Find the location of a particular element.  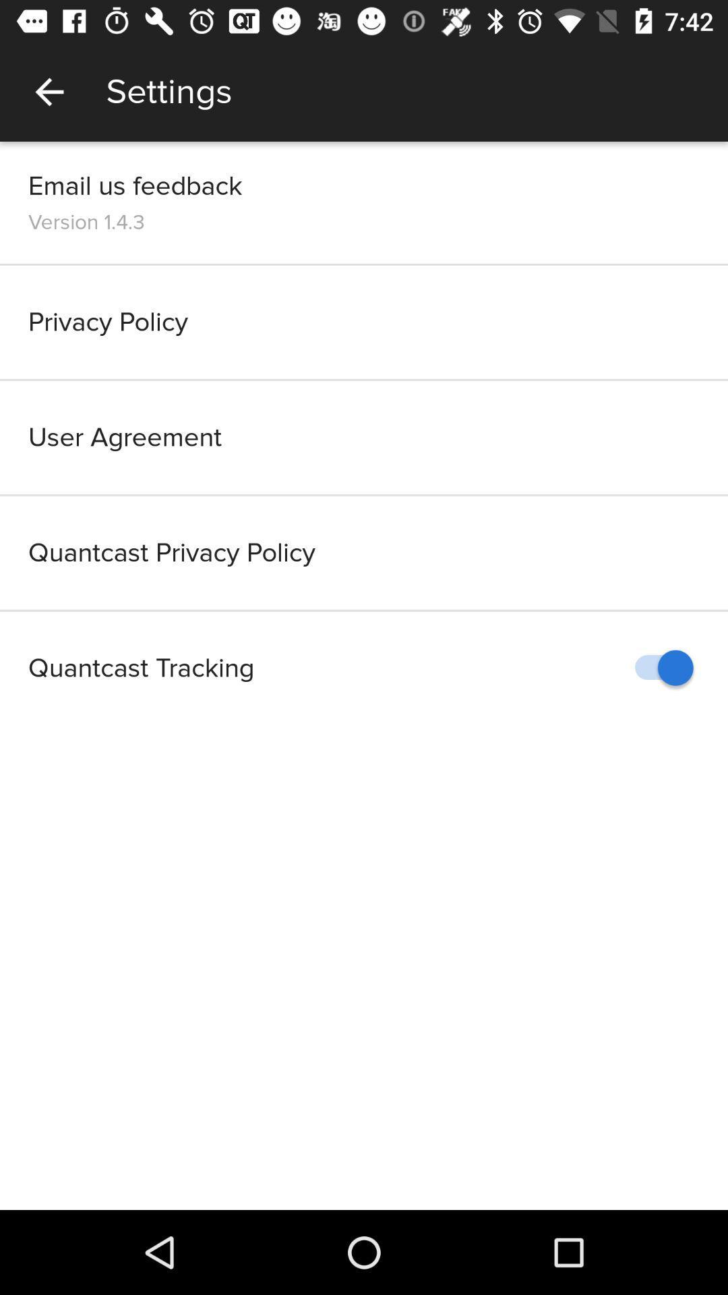

the user agreement item is located at coordinates (364, 437).